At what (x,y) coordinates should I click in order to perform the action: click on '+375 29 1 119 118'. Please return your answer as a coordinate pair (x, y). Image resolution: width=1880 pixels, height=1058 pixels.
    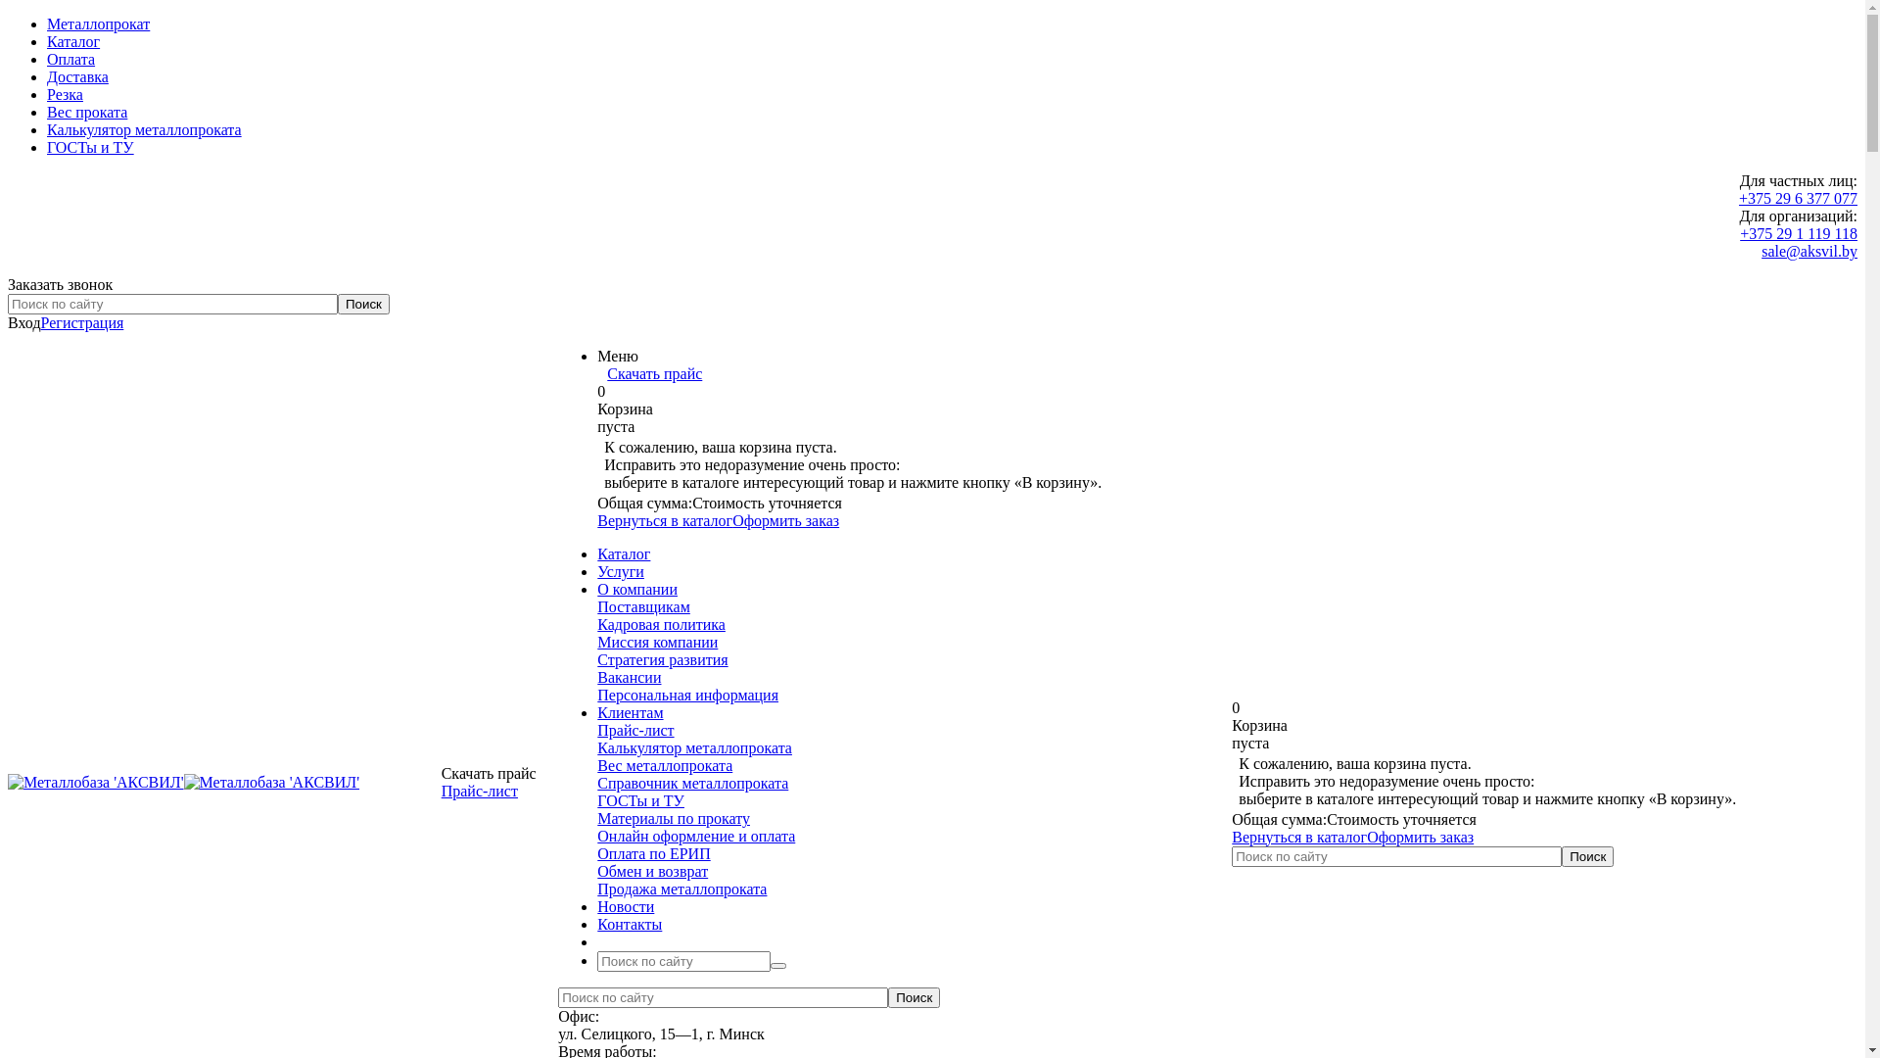
    Looking at the image, I should click on (1799, 232).